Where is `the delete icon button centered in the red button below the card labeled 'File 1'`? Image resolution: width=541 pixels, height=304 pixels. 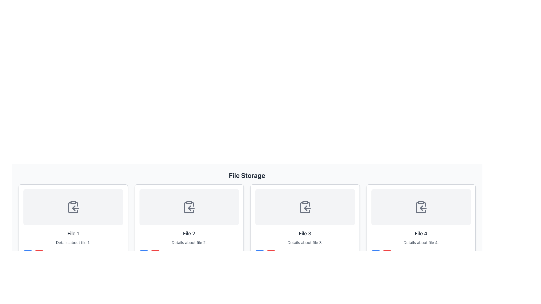
the delete icon button centered in the red button below the card labeled 'File 1' is located at coordinates (39, 254).